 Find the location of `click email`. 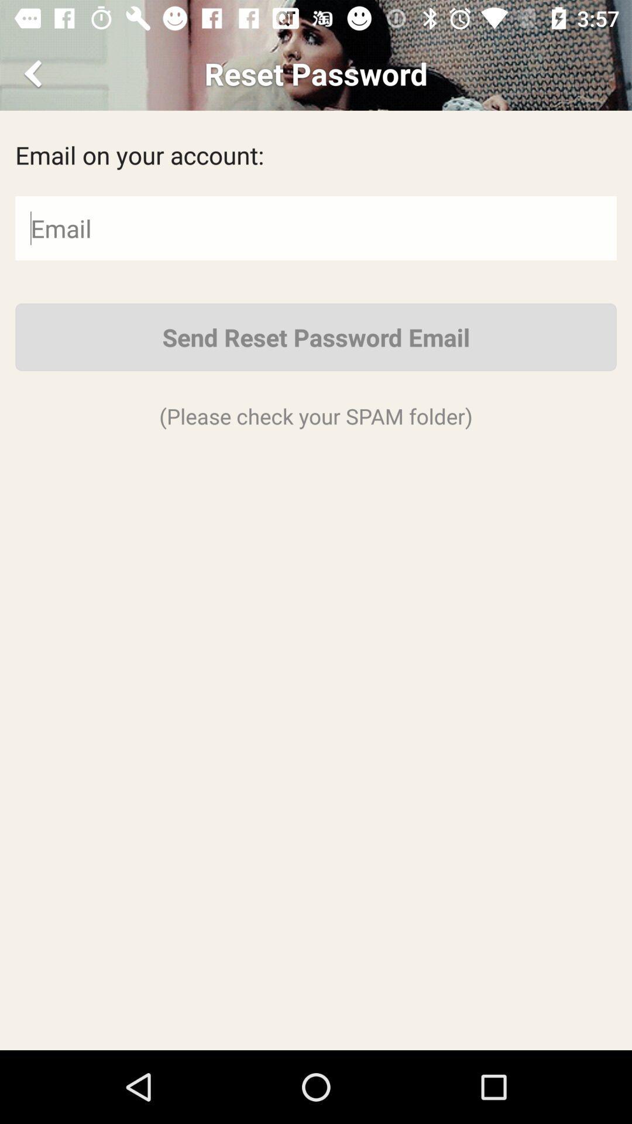

click email is located at coordinates (316, 228).